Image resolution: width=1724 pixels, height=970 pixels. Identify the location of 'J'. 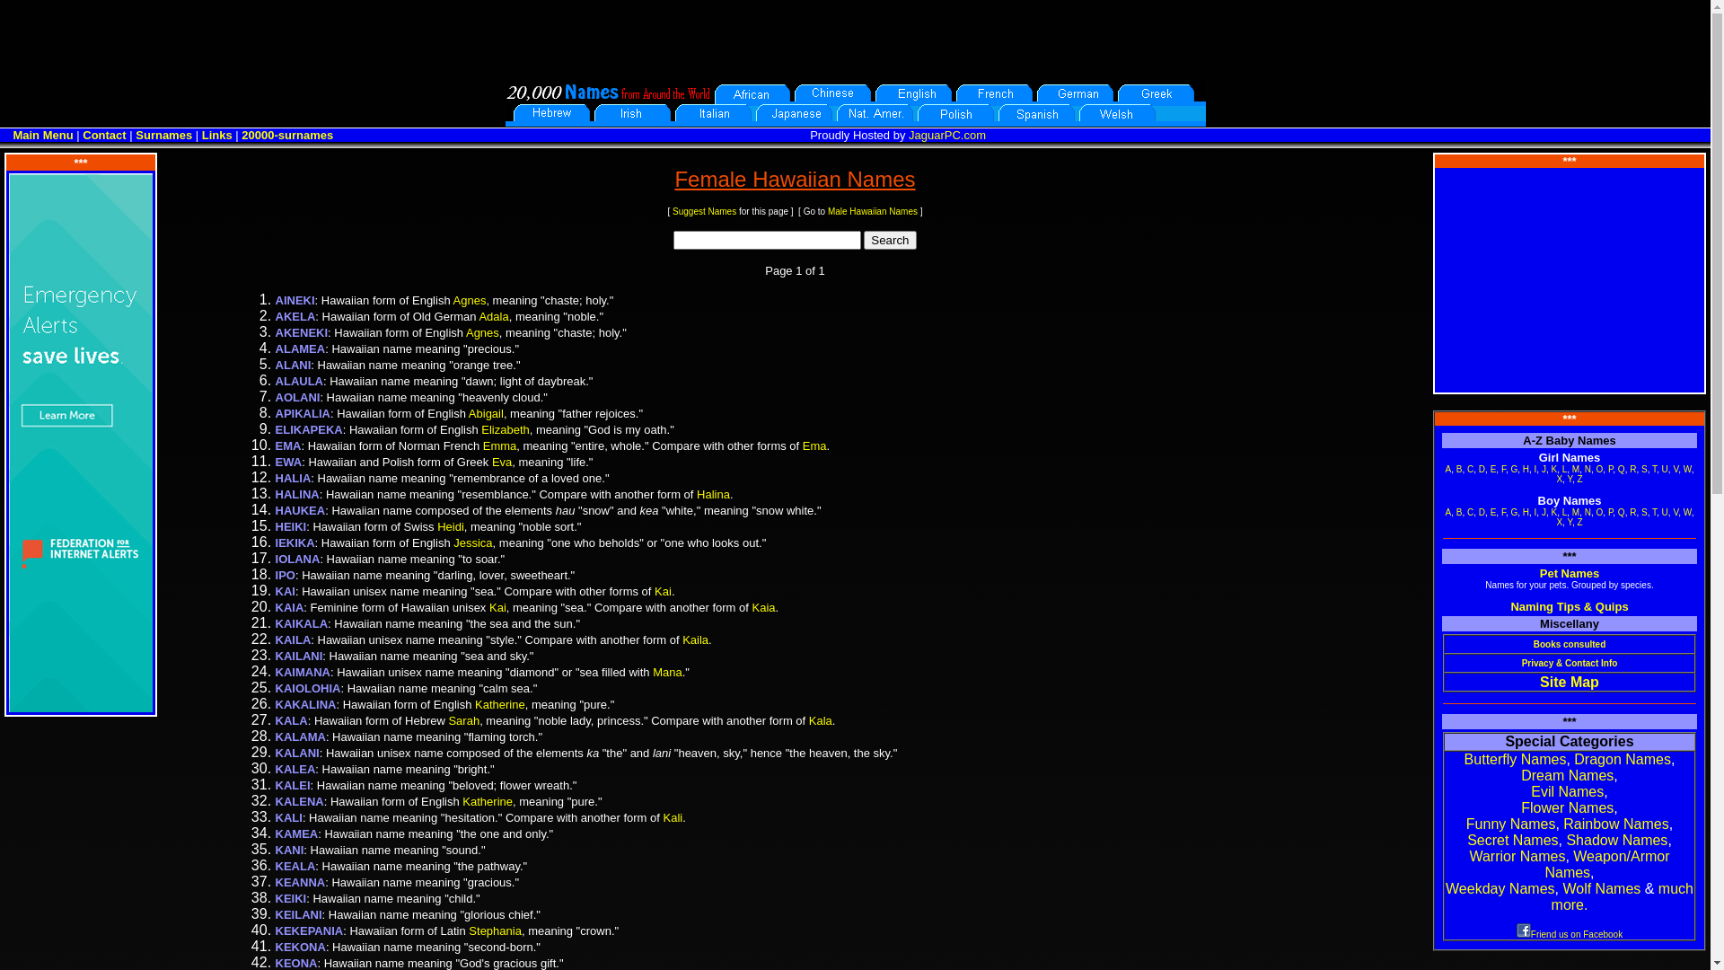
(1541, 512).